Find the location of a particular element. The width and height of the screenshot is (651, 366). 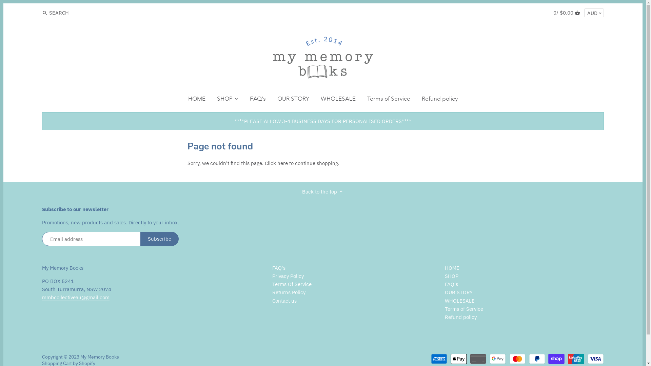

'Back to the top' is located at coordinates (302, 191).